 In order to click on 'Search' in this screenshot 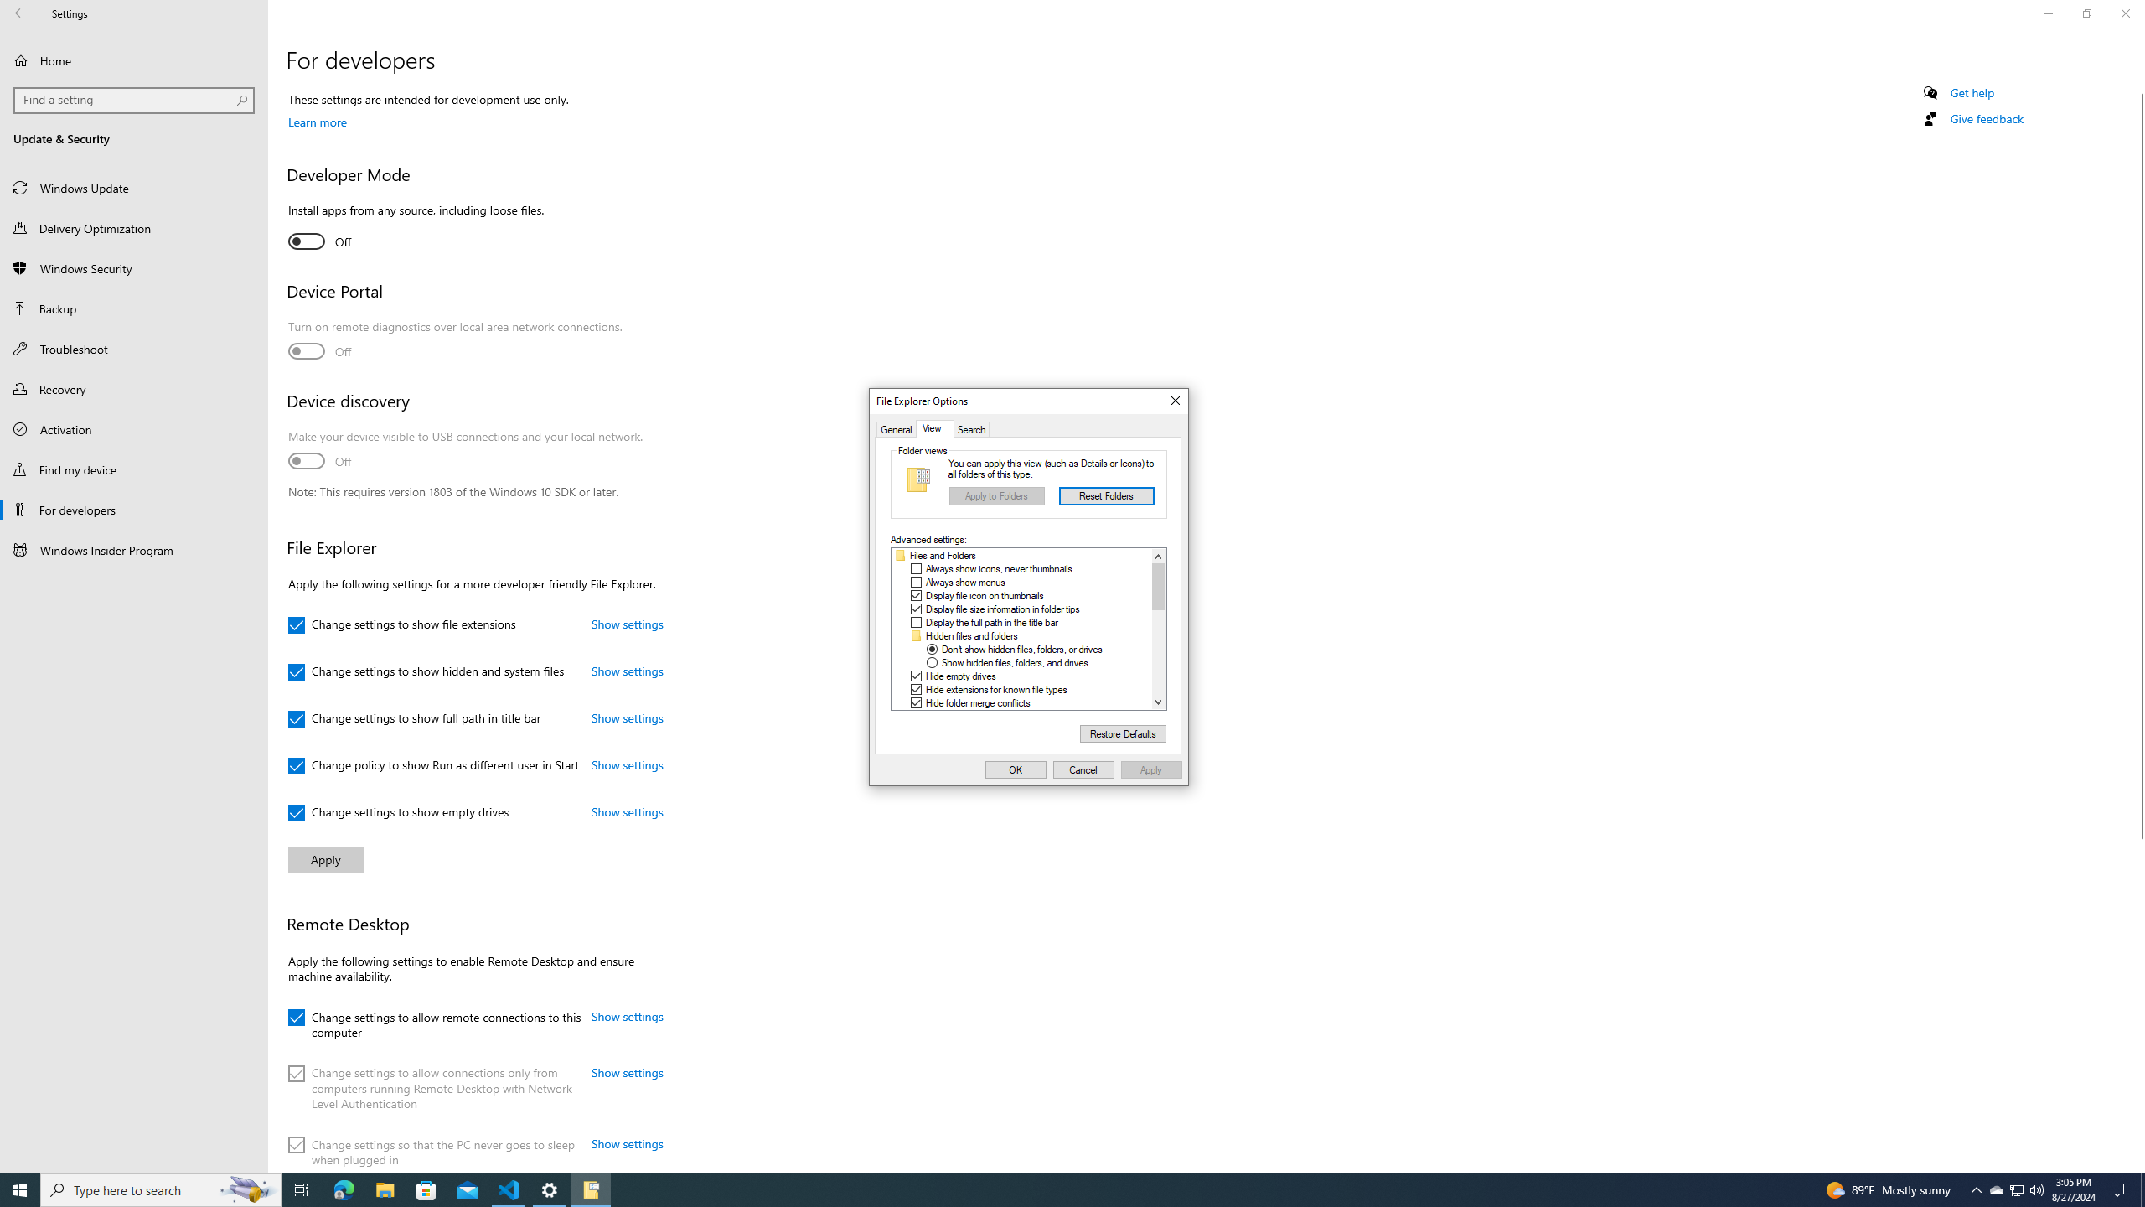, I will do `click(970, 427)`.